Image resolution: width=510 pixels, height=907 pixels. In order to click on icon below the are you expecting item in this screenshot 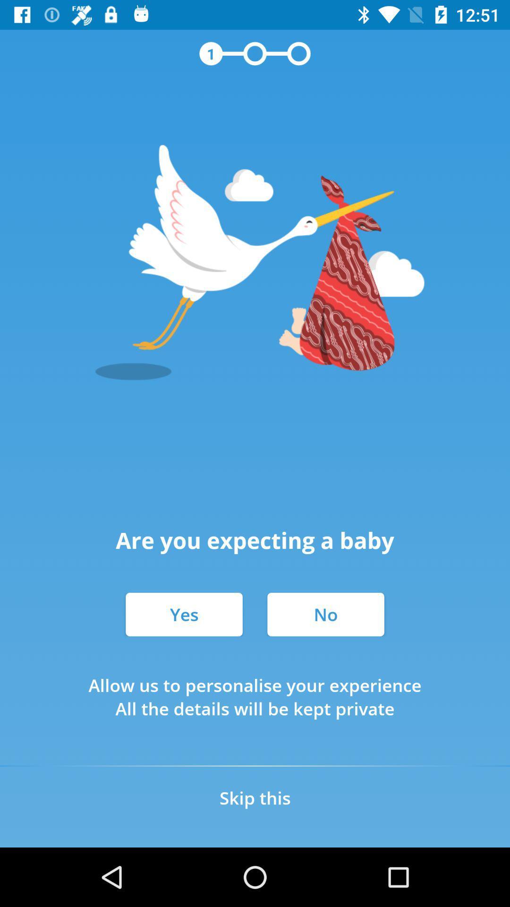, I will do `click(325, 614)`.